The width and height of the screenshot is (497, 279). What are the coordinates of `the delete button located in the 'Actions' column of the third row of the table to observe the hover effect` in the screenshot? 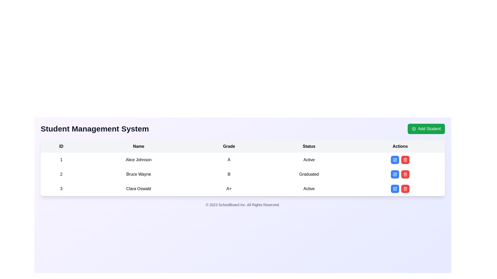 It's located at (405, 189).